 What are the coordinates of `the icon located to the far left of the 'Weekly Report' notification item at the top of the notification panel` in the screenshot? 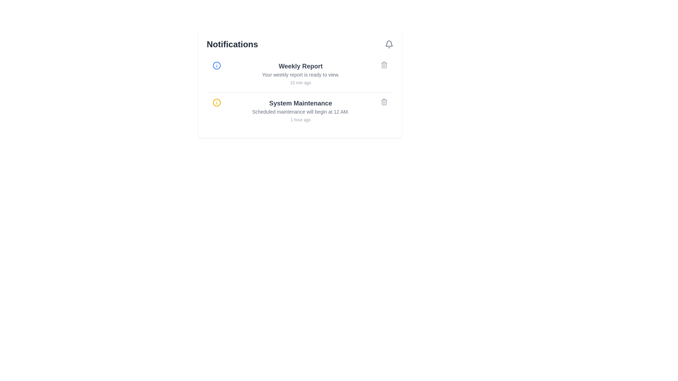 It's located at (216, 65).